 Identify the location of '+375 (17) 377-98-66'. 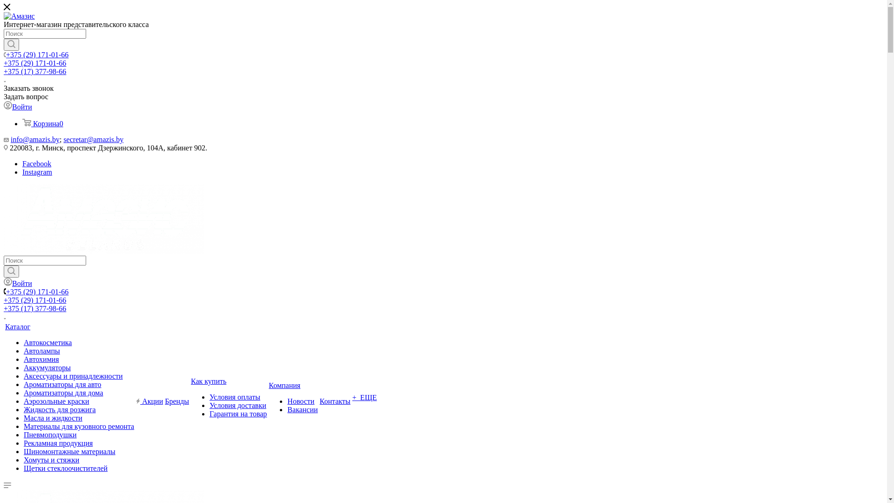
(4, 308).